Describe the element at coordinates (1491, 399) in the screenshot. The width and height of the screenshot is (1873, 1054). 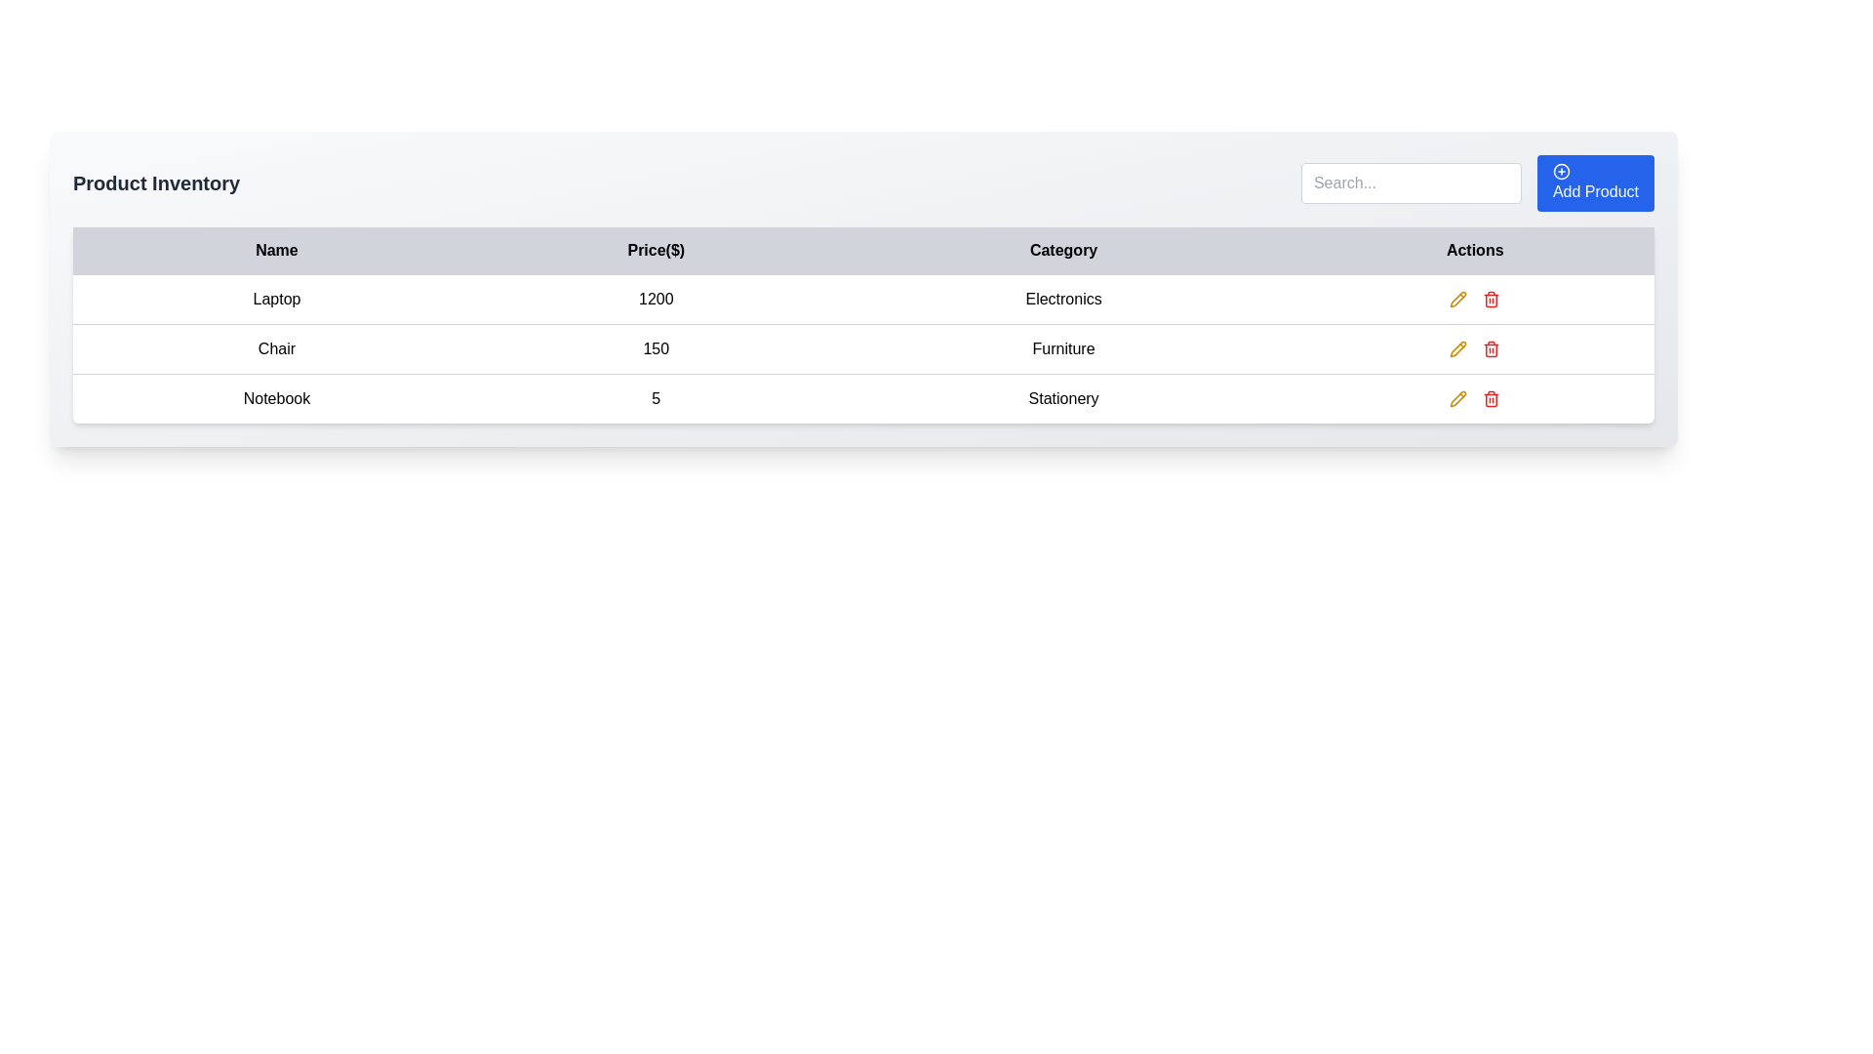
I see `the red trash bin icon, which is the second icon in the 'Actions' column of the third row in the table` at that location.